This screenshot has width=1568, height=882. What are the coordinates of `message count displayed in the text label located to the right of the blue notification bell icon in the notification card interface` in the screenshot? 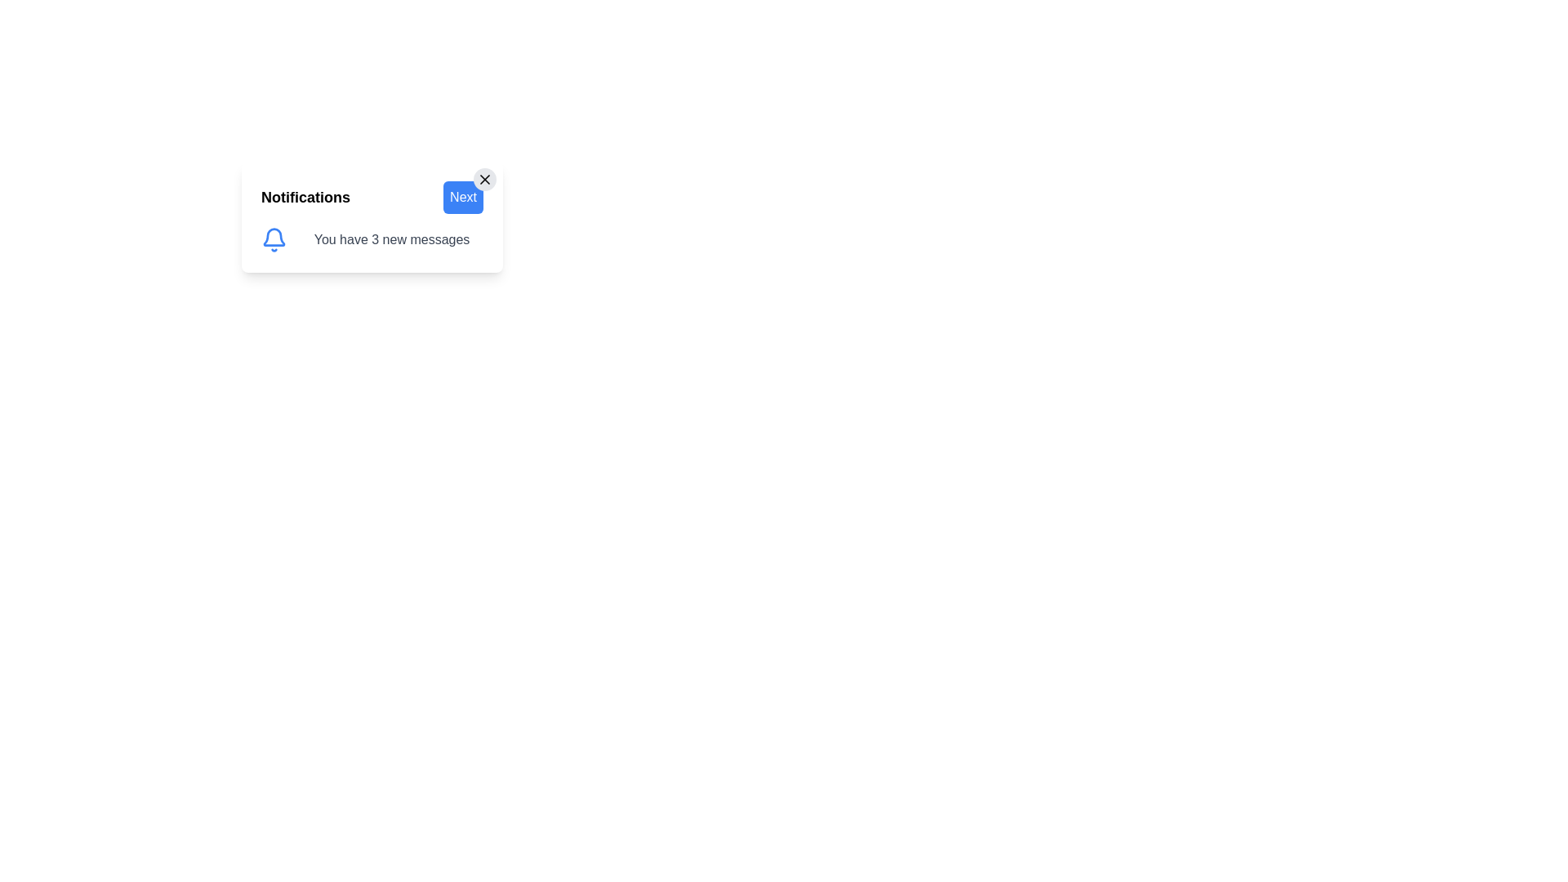 It's located at (392, 239).